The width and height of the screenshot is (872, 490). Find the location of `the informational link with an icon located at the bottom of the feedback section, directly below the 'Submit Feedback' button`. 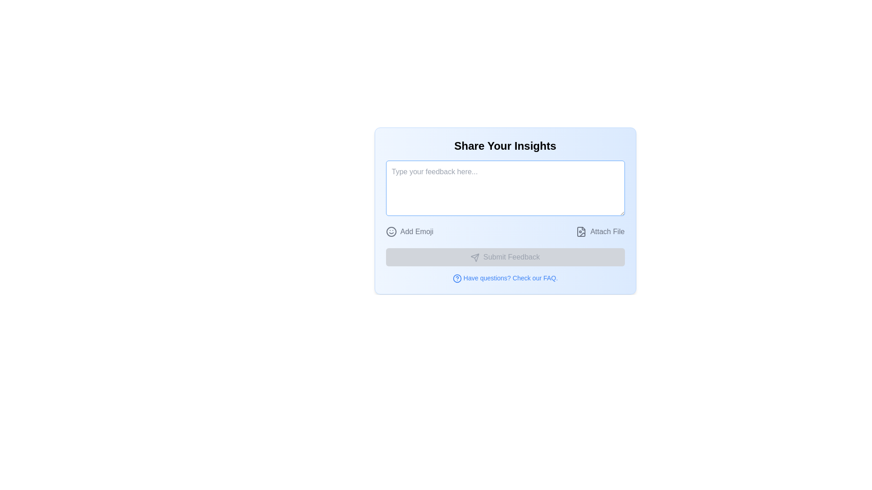

the informational link with an icon located at the bottom of the feedback section, directly below the 'Submit Feedback' button is located at coordinates (505, 278).